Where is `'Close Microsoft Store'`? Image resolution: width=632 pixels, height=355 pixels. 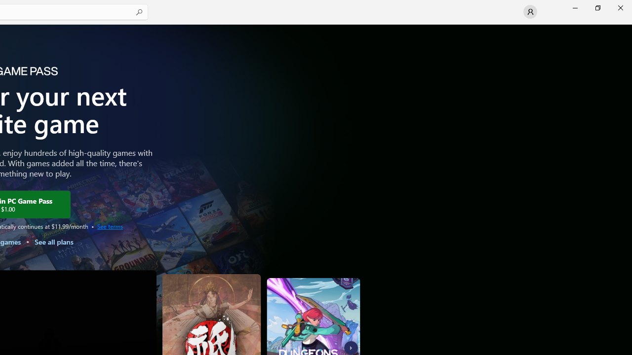 'Close Microsoft Store' is located at coordinates (620, 7).